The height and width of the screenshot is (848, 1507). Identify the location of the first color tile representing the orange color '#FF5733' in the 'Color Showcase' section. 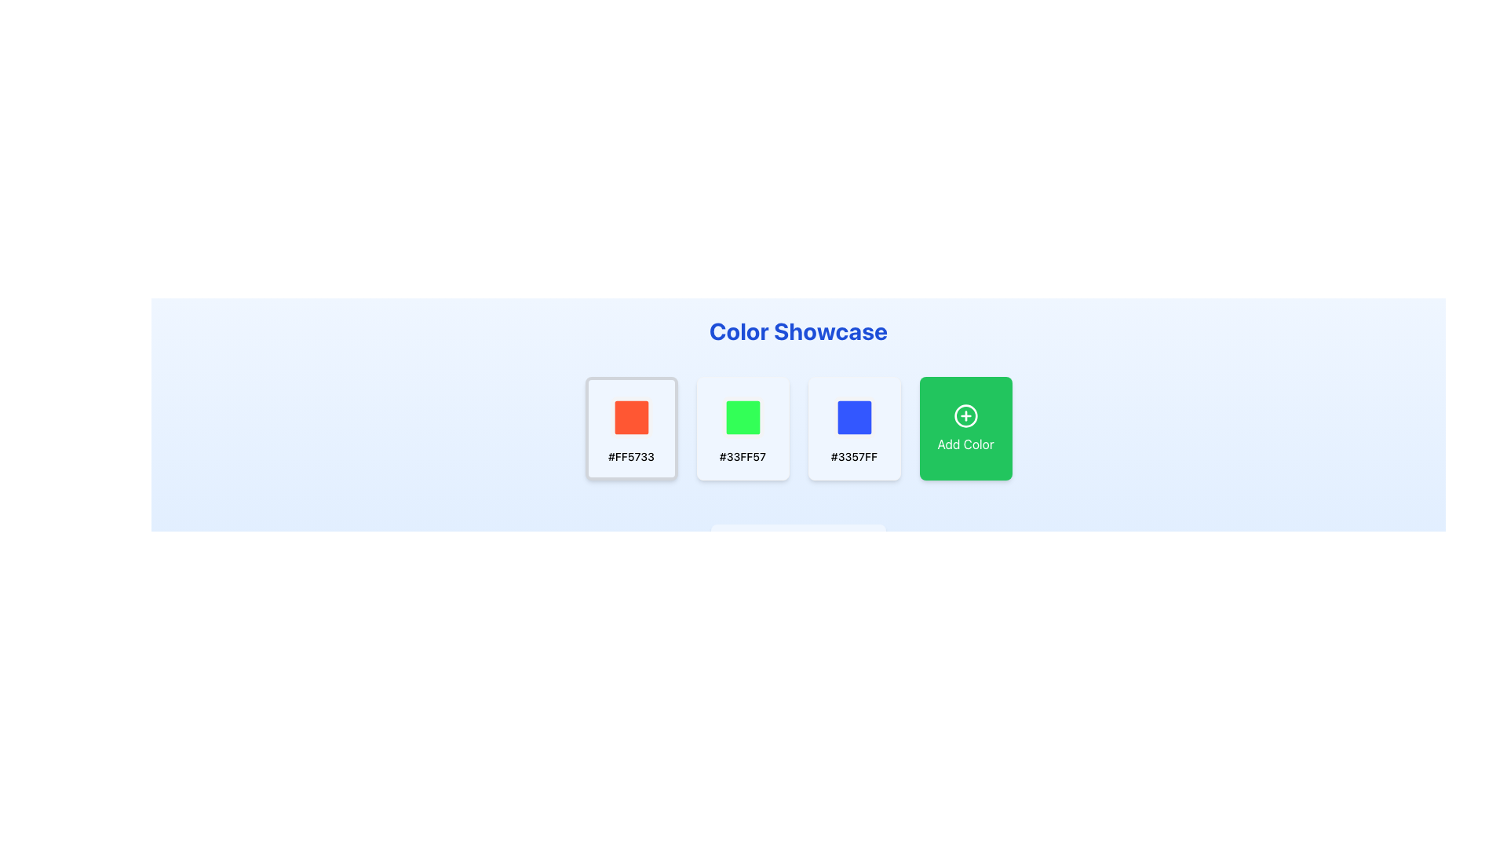
(631, 417).